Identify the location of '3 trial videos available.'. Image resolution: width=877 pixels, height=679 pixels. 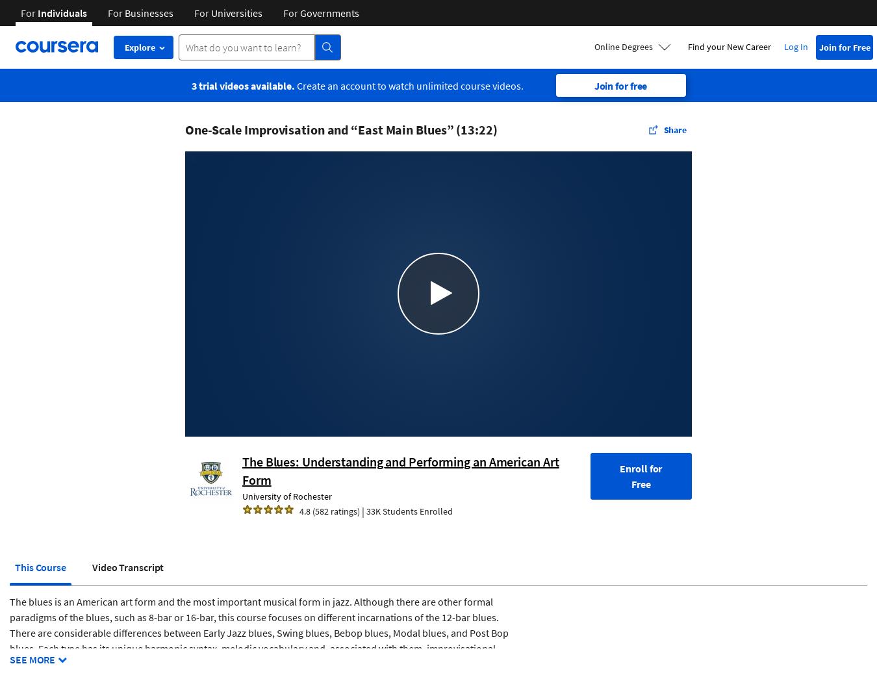
(242, 84).